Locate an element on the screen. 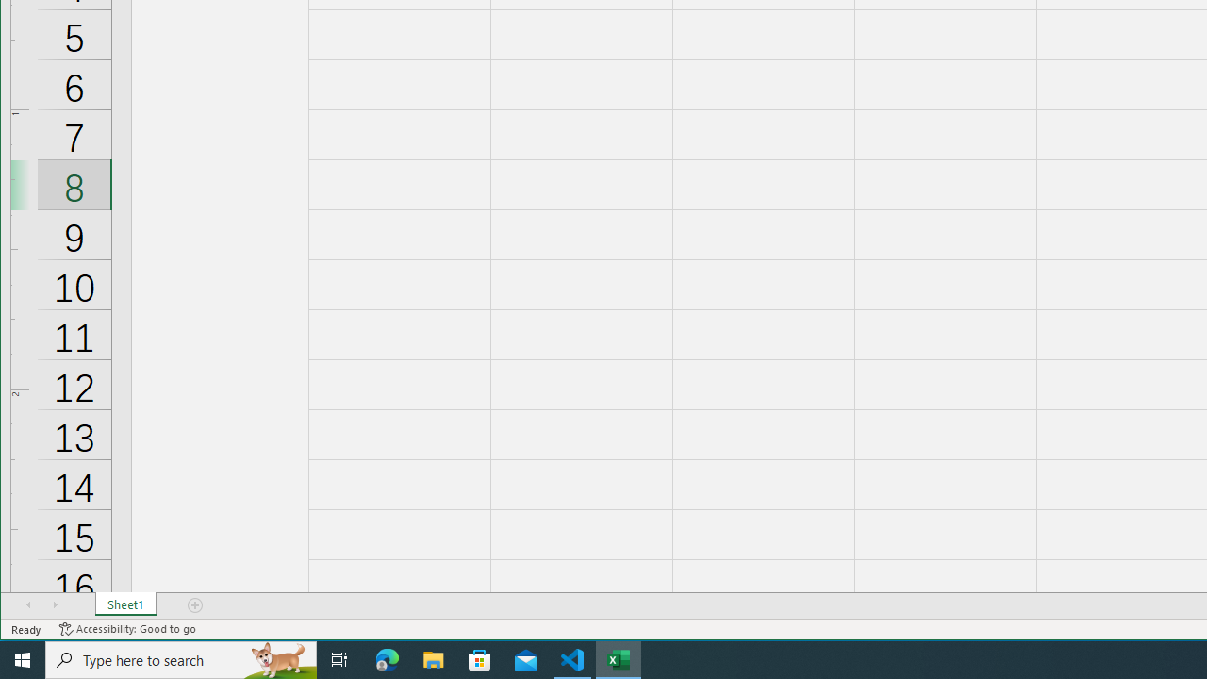 The width and height of the screenshot is (1207, 679). 'Search highlights icon opens search home window' is located at coordinates (277, 658).